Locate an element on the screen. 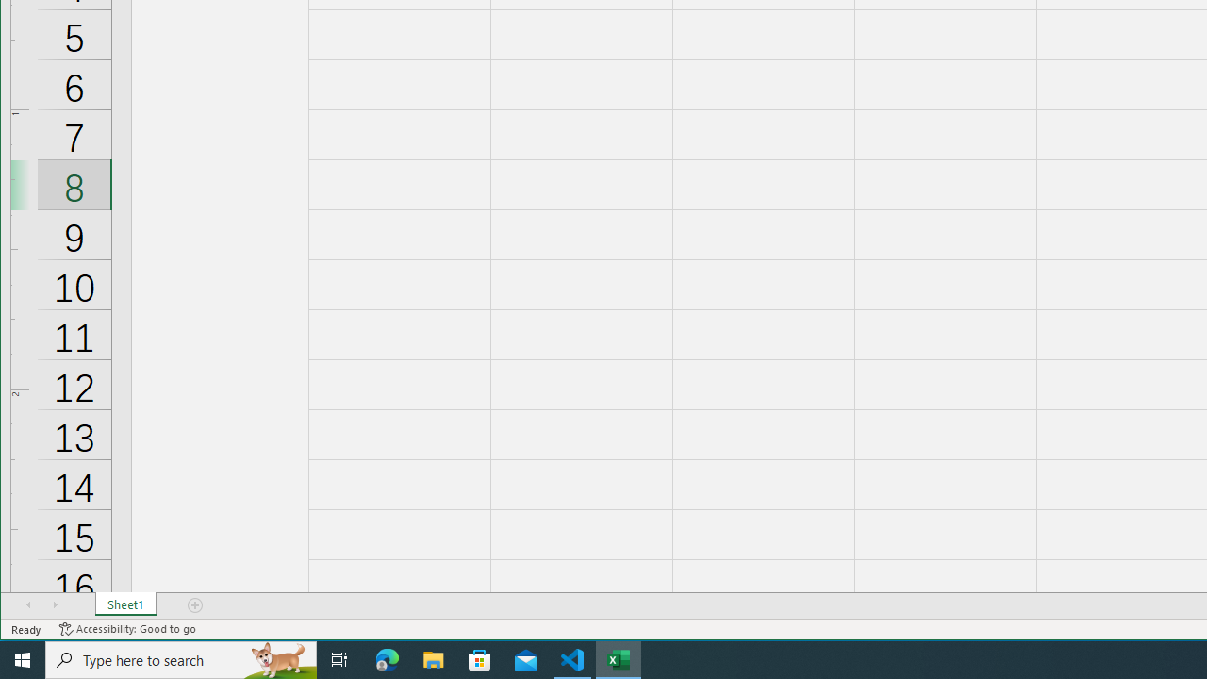 The width and height of the screenshot is (1207, 679). 'Search highlights icon opens search home window' is located at coordinates (277, 658).